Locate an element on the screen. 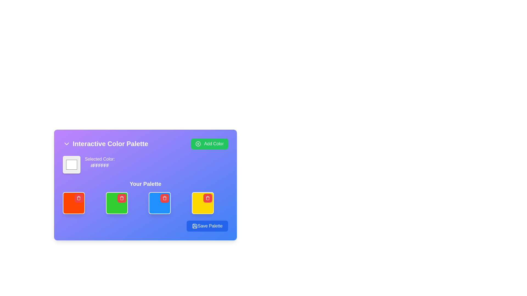  the square color display box with a white border and rounded corners is located at coordinates (71, 164).